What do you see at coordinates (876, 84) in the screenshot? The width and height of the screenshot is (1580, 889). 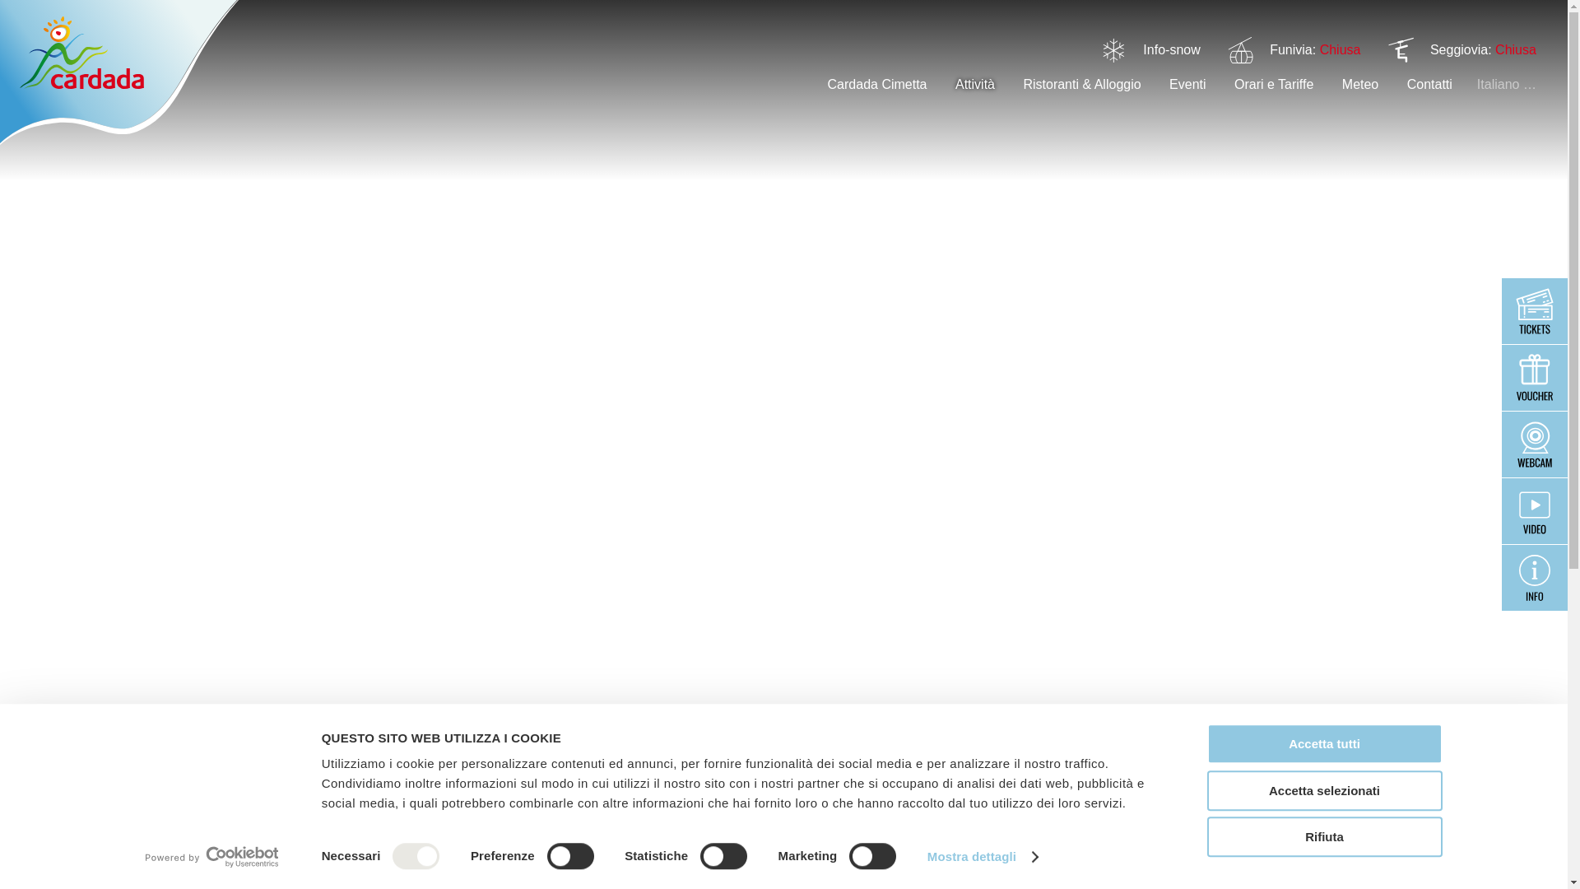 I see `'Cardada Cimetta'` at bounding box center [876, 84].